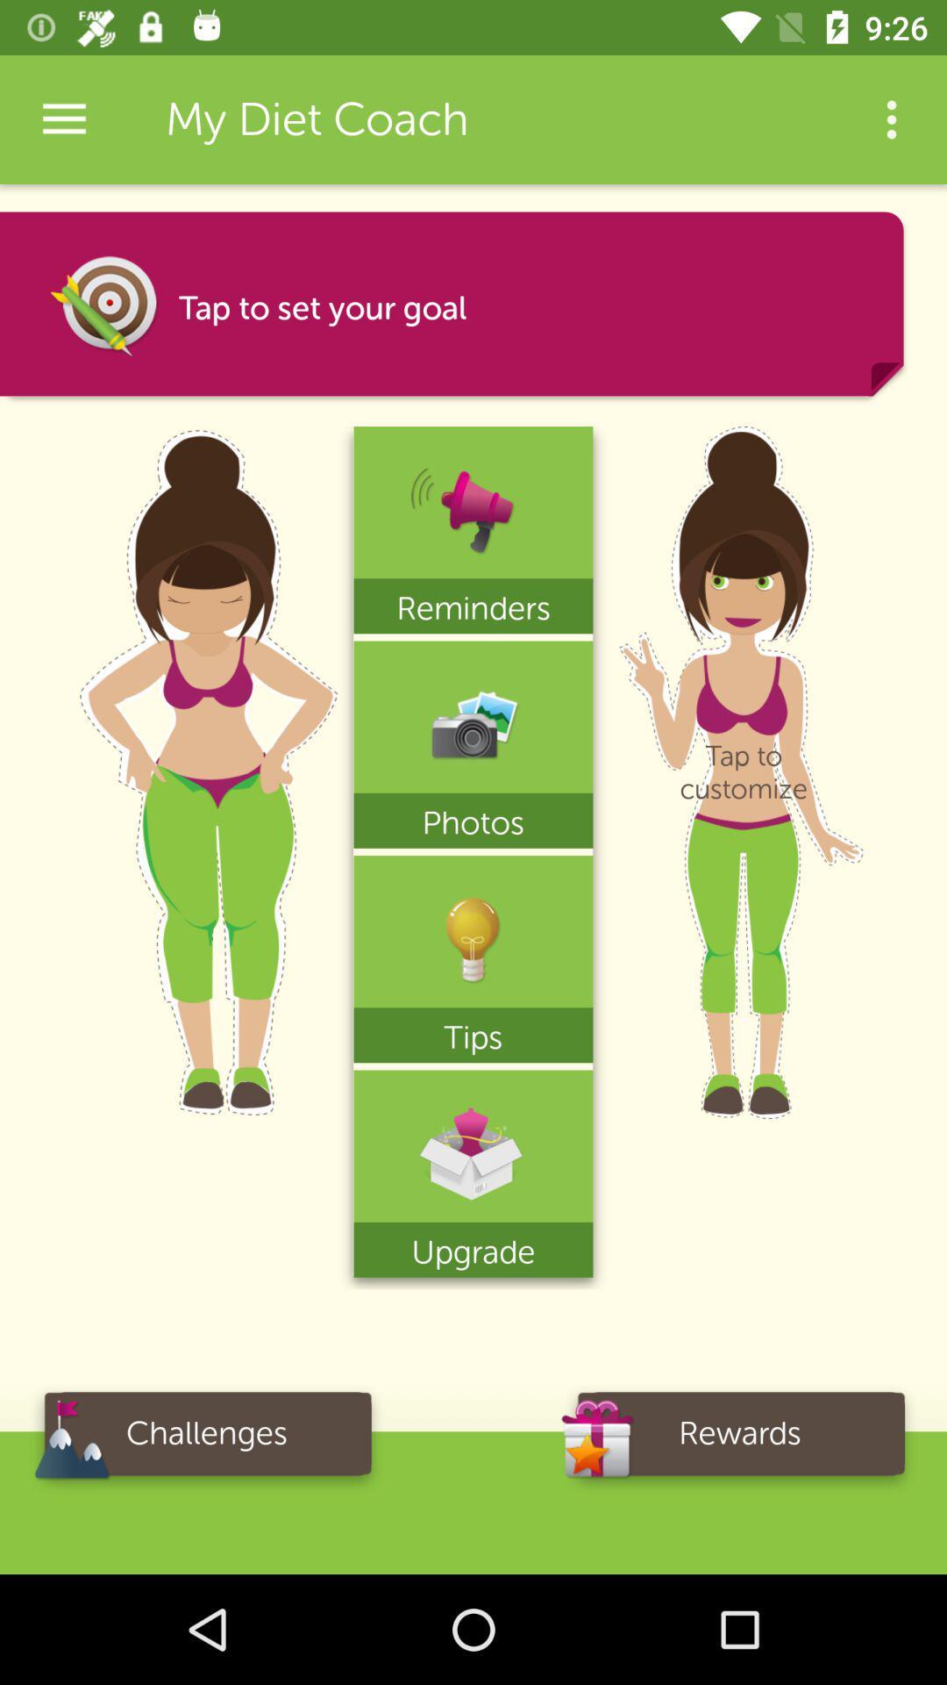 Image resolution: width=947 pixels, height=1685 pixels. I want to click on the icon at the top right corner, so click(892, 118).